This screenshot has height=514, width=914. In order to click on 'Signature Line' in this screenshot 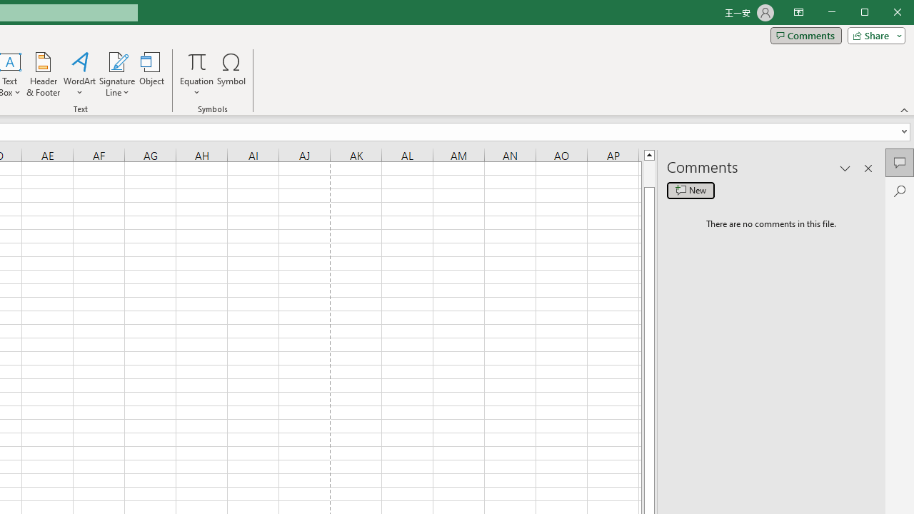, I will do `click(117, 74)`.